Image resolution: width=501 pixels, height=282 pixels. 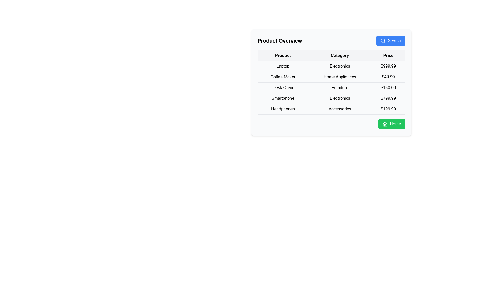 What do you see at coordinates (331, 87) in the screenshot?
I see `on the third row of the table that presents the product details for 'Desk Chair', including its category 'Furniture' and price '$150.00', in order` at bounding box center [331, 87].